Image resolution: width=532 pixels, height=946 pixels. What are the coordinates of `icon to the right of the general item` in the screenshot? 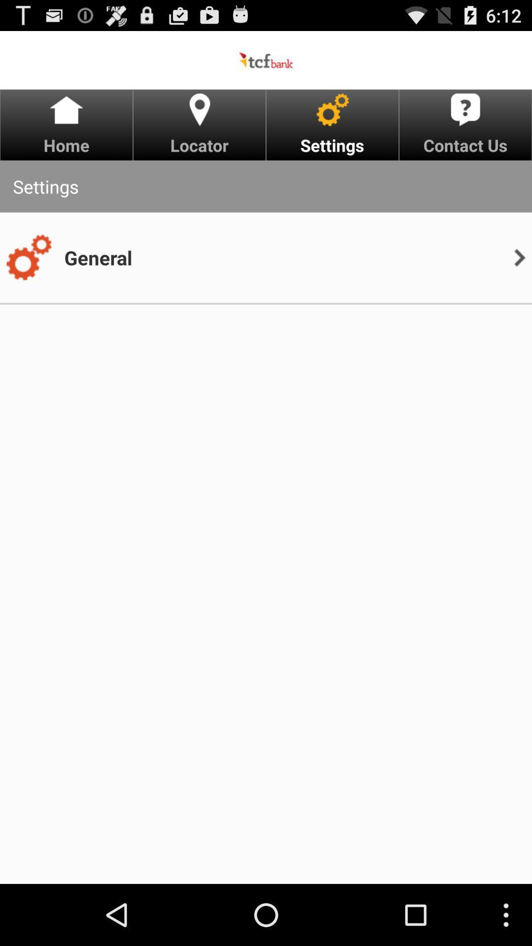 It's located at (519, 258).